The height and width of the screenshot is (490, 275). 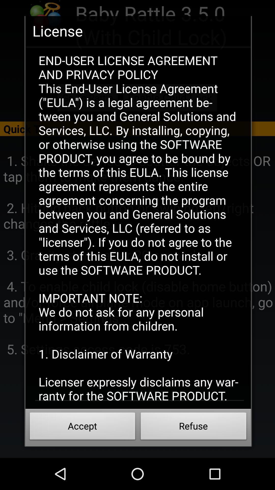 I want to click on item to the left of refuse item, so click(x=82, y=427).